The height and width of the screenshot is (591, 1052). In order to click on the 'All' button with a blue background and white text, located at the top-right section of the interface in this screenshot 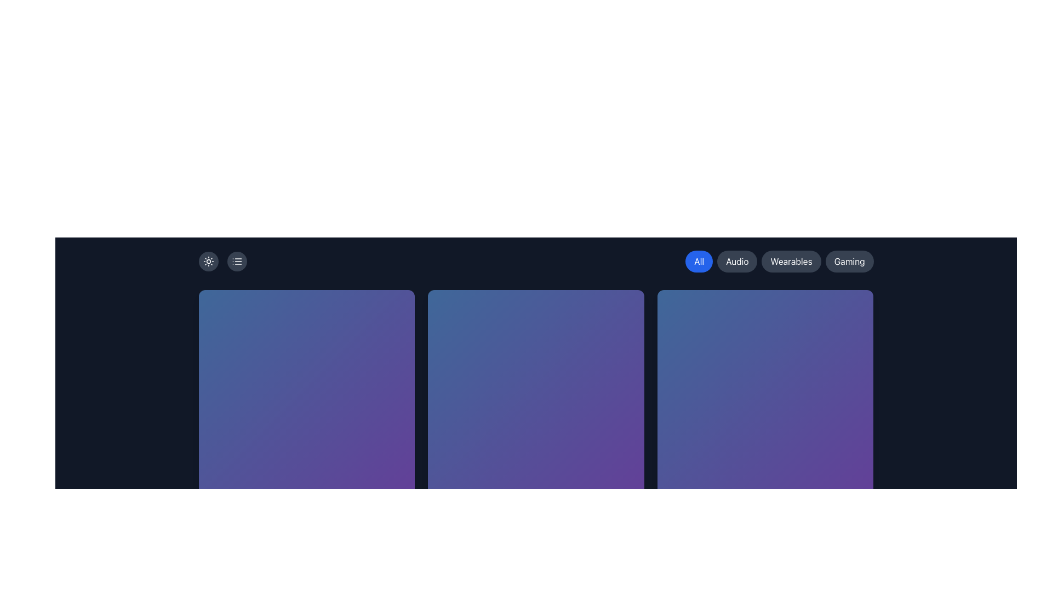, I will do `click(699, 262)`.